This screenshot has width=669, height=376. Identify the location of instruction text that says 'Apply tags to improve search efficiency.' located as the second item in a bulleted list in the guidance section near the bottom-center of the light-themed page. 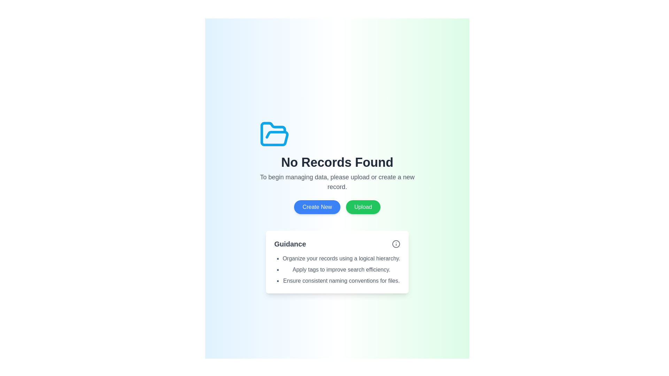
(341, 269).